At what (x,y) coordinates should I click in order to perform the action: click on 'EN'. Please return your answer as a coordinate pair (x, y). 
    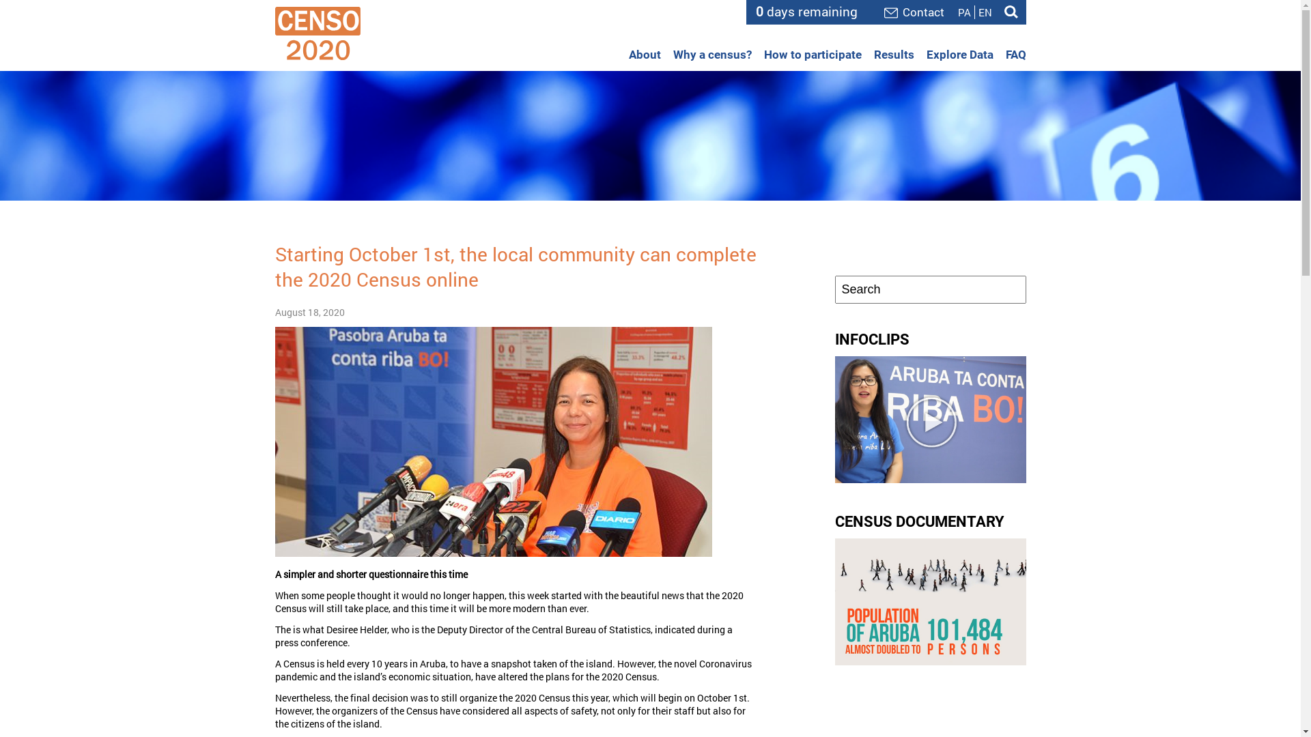
    Looking at the image, I should click on (984, 12).